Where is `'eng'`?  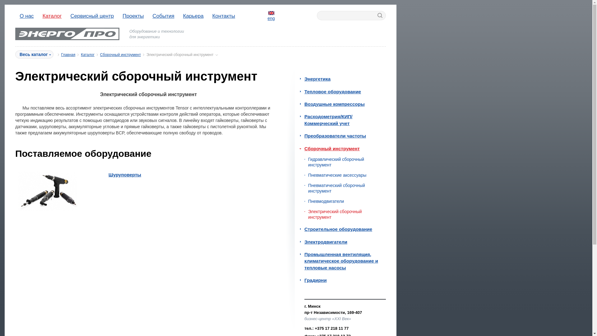 'eng' is located at coordinates (271, 15).